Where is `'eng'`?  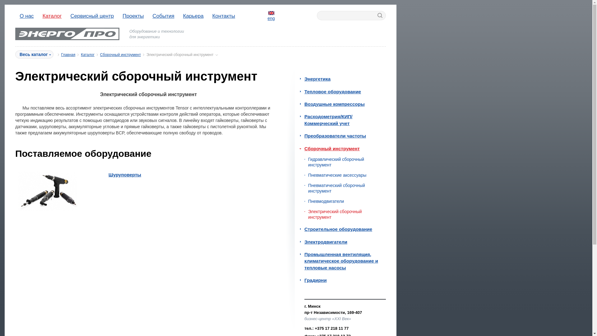 'eng' is located at coordinates (271, 15).